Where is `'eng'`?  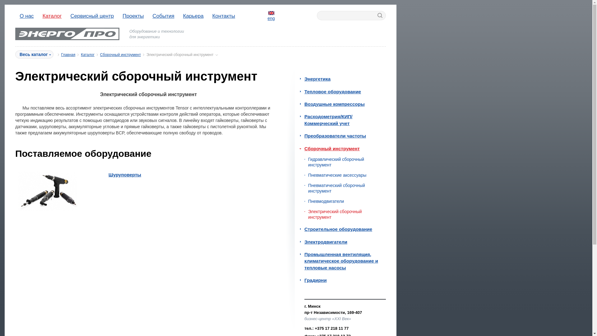 'eng' is located at coordinates (271, 15).